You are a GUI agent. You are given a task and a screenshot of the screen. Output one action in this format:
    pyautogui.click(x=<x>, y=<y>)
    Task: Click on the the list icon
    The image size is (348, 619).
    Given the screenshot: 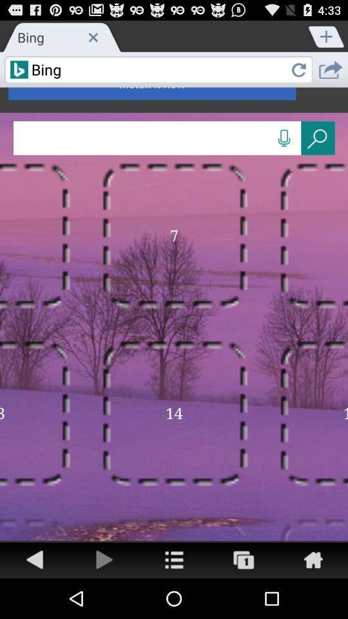 What is the action you would take?
    pyautogui.click(x=174, y=598)
    